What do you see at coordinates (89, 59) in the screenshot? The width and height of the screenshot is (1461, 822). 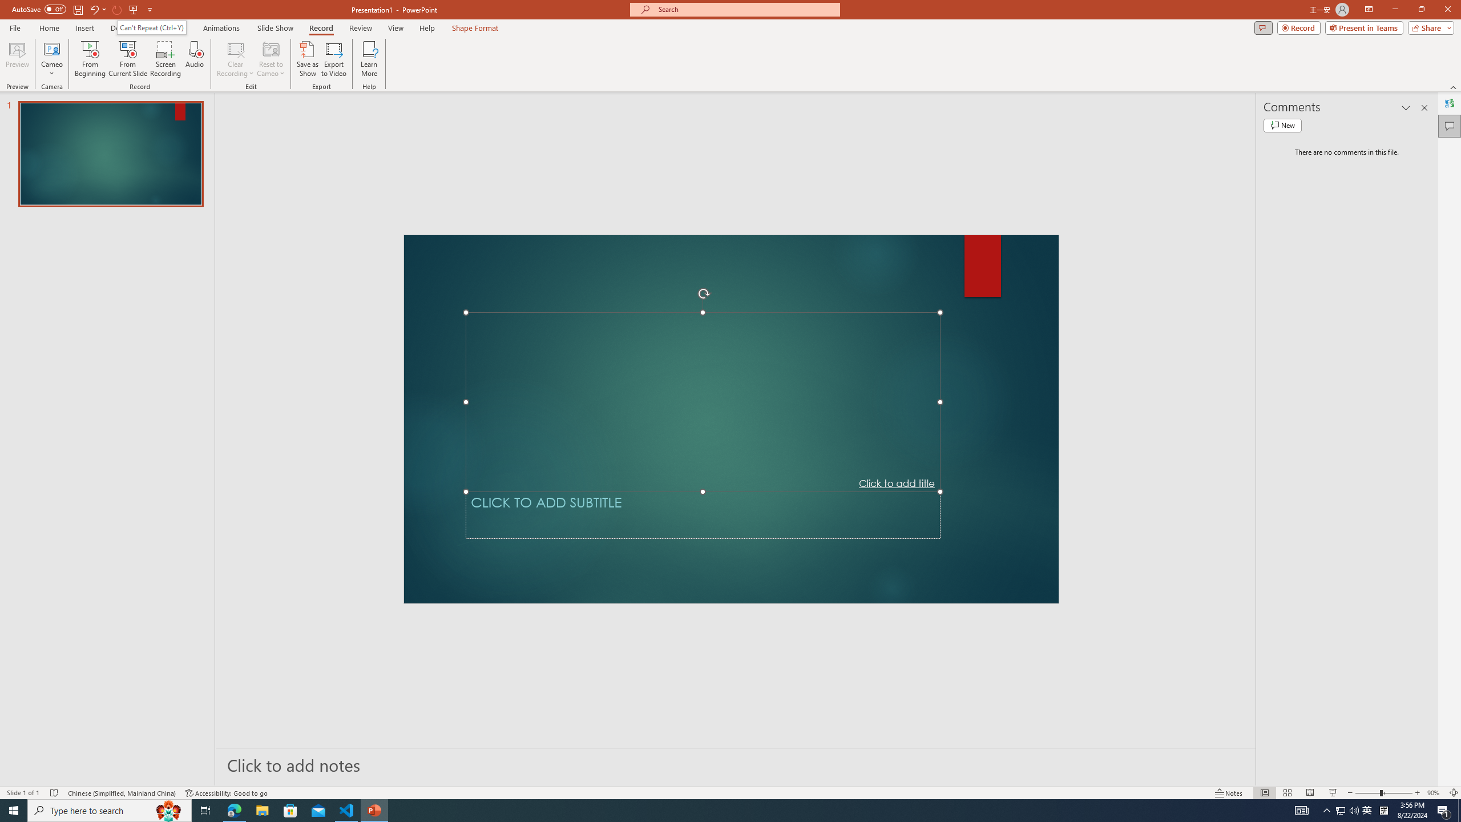 I see `'From Beginning...'` at bounding box center [89, 59].